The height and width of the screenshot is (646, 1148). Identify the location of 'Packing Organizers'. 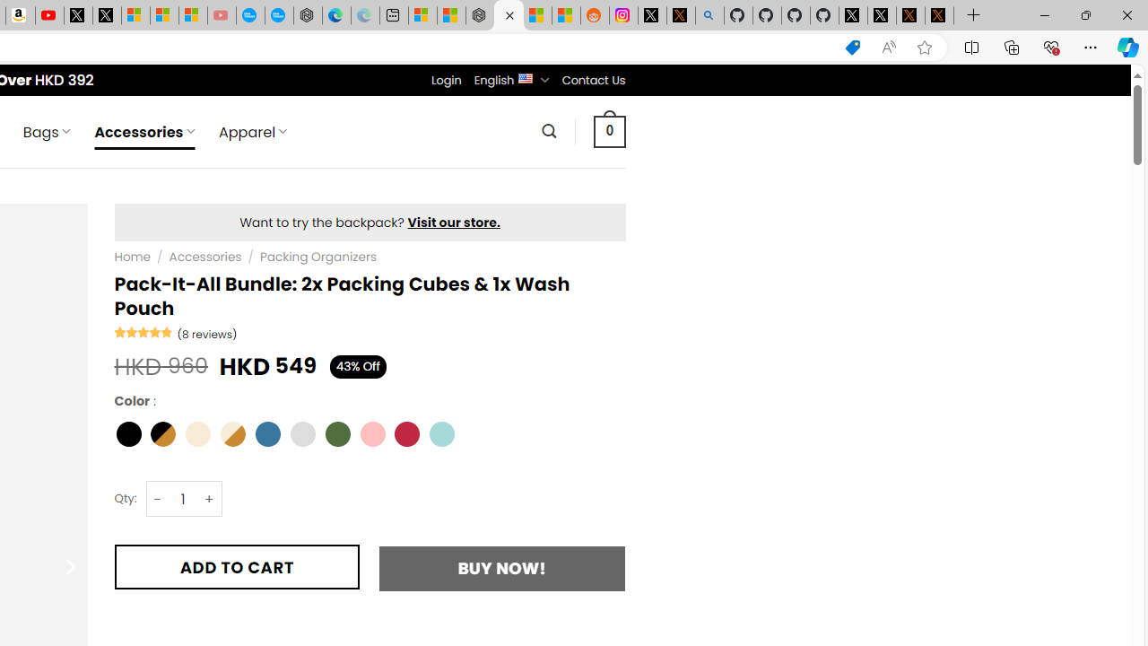
(318, 257).